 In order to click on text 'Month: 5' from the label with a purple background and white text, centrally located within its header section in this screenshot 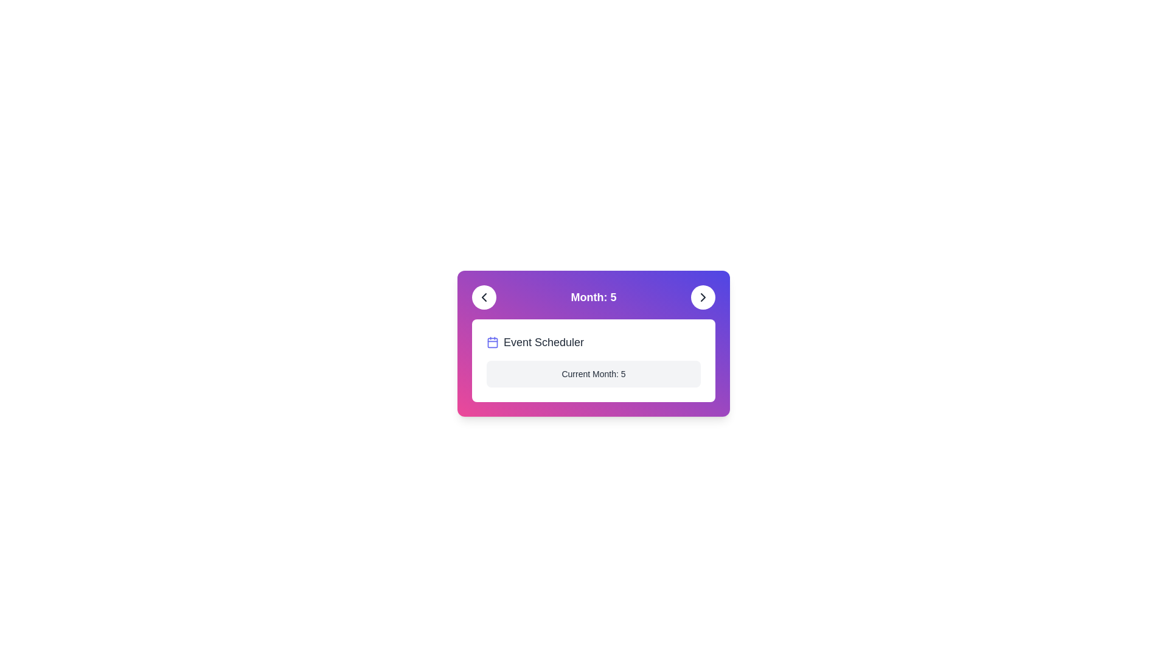, I will do `click(593, 297)`.